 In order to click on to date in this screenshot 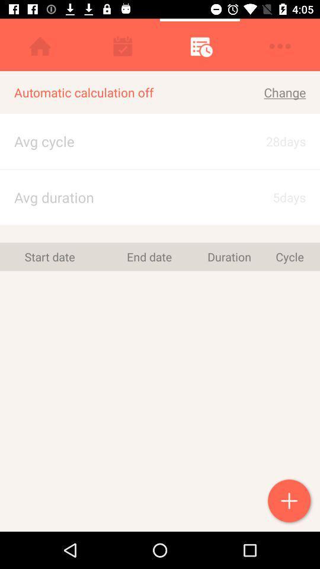, I will do `click(290, 501)`.